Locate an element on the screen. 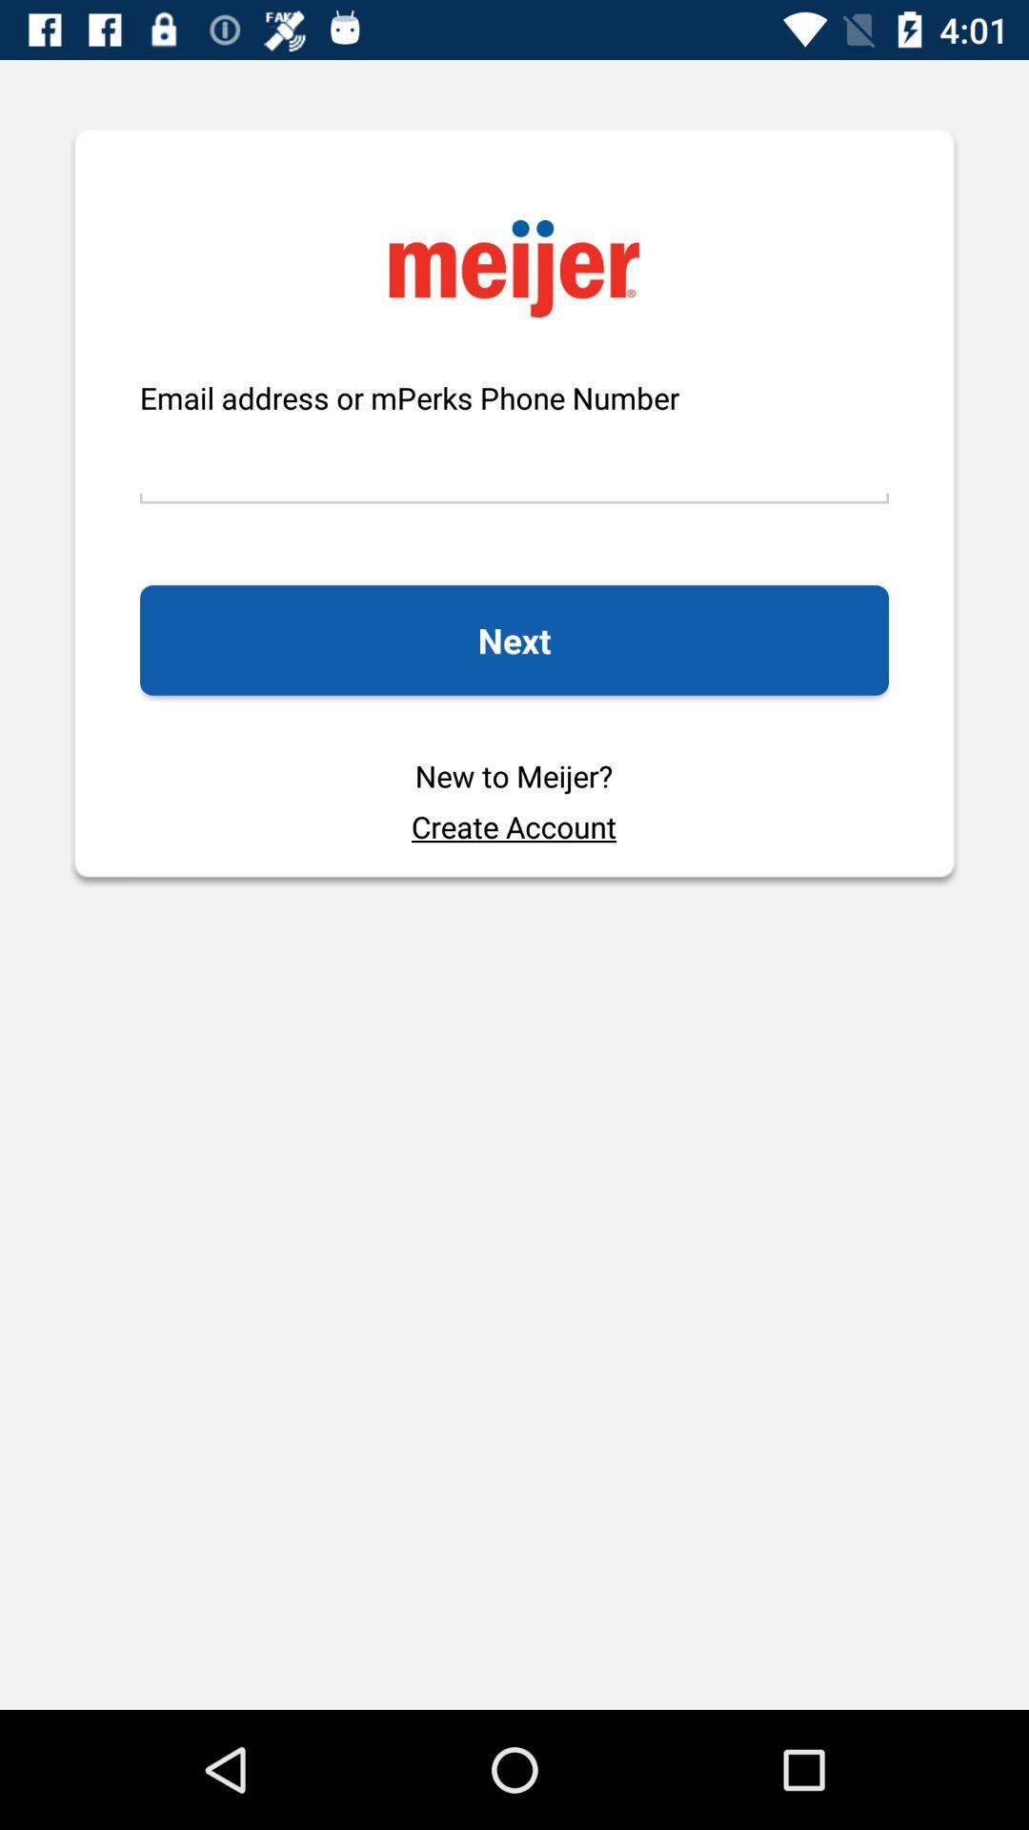  the item above the next is located at coordinates (514, 461).